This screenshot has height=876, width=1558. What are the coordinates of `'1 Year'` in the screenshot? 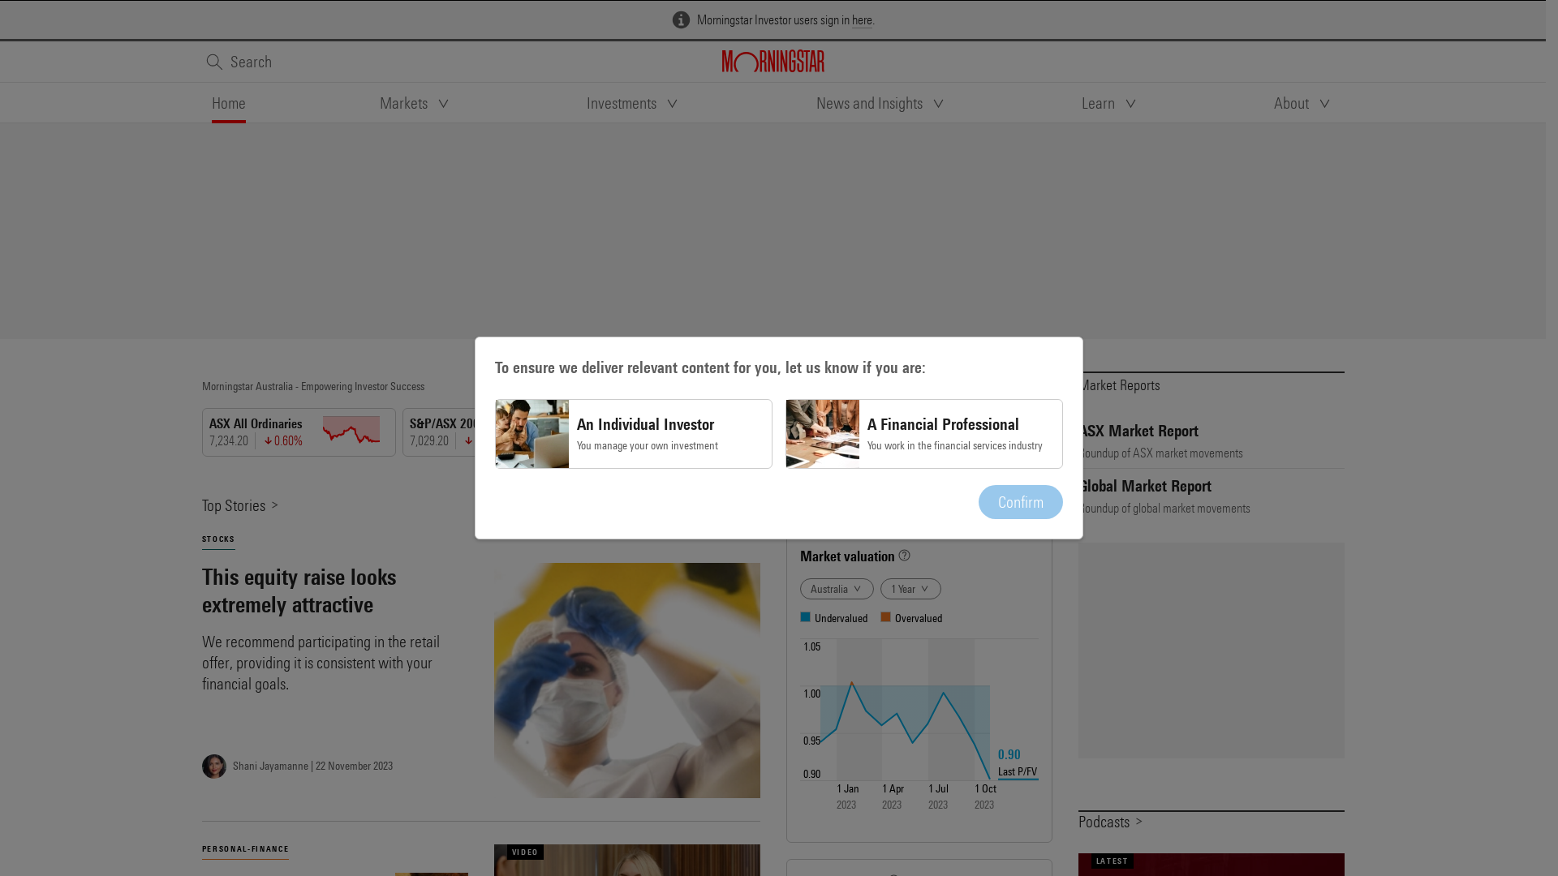 It's located at (910, 588).